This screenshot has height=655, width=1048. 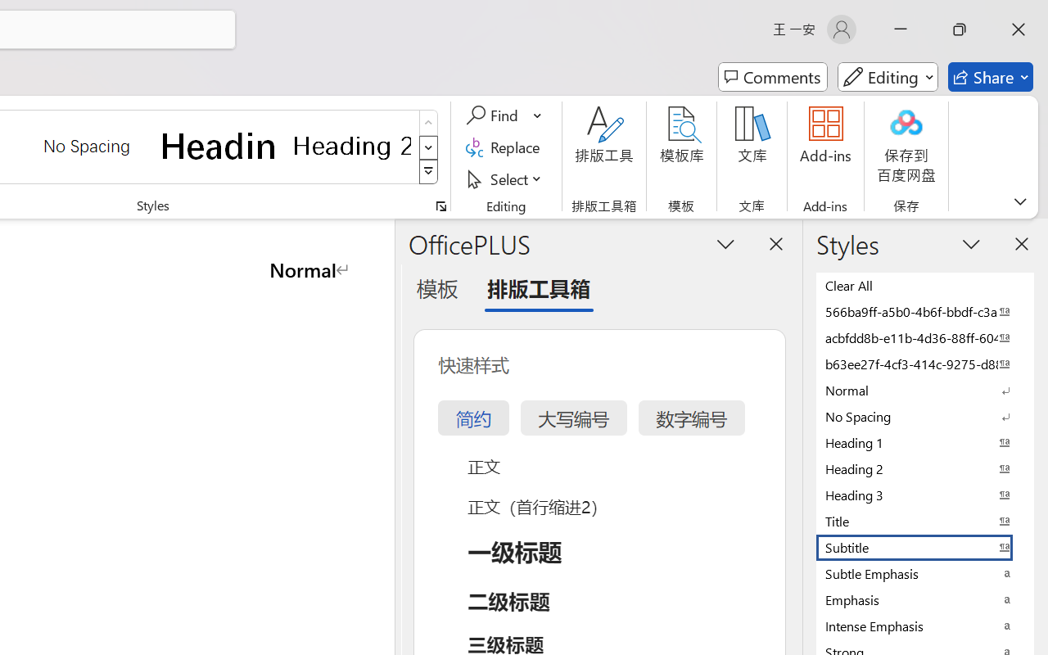 I want to click on 'Normal', so click(x=925, y=390).